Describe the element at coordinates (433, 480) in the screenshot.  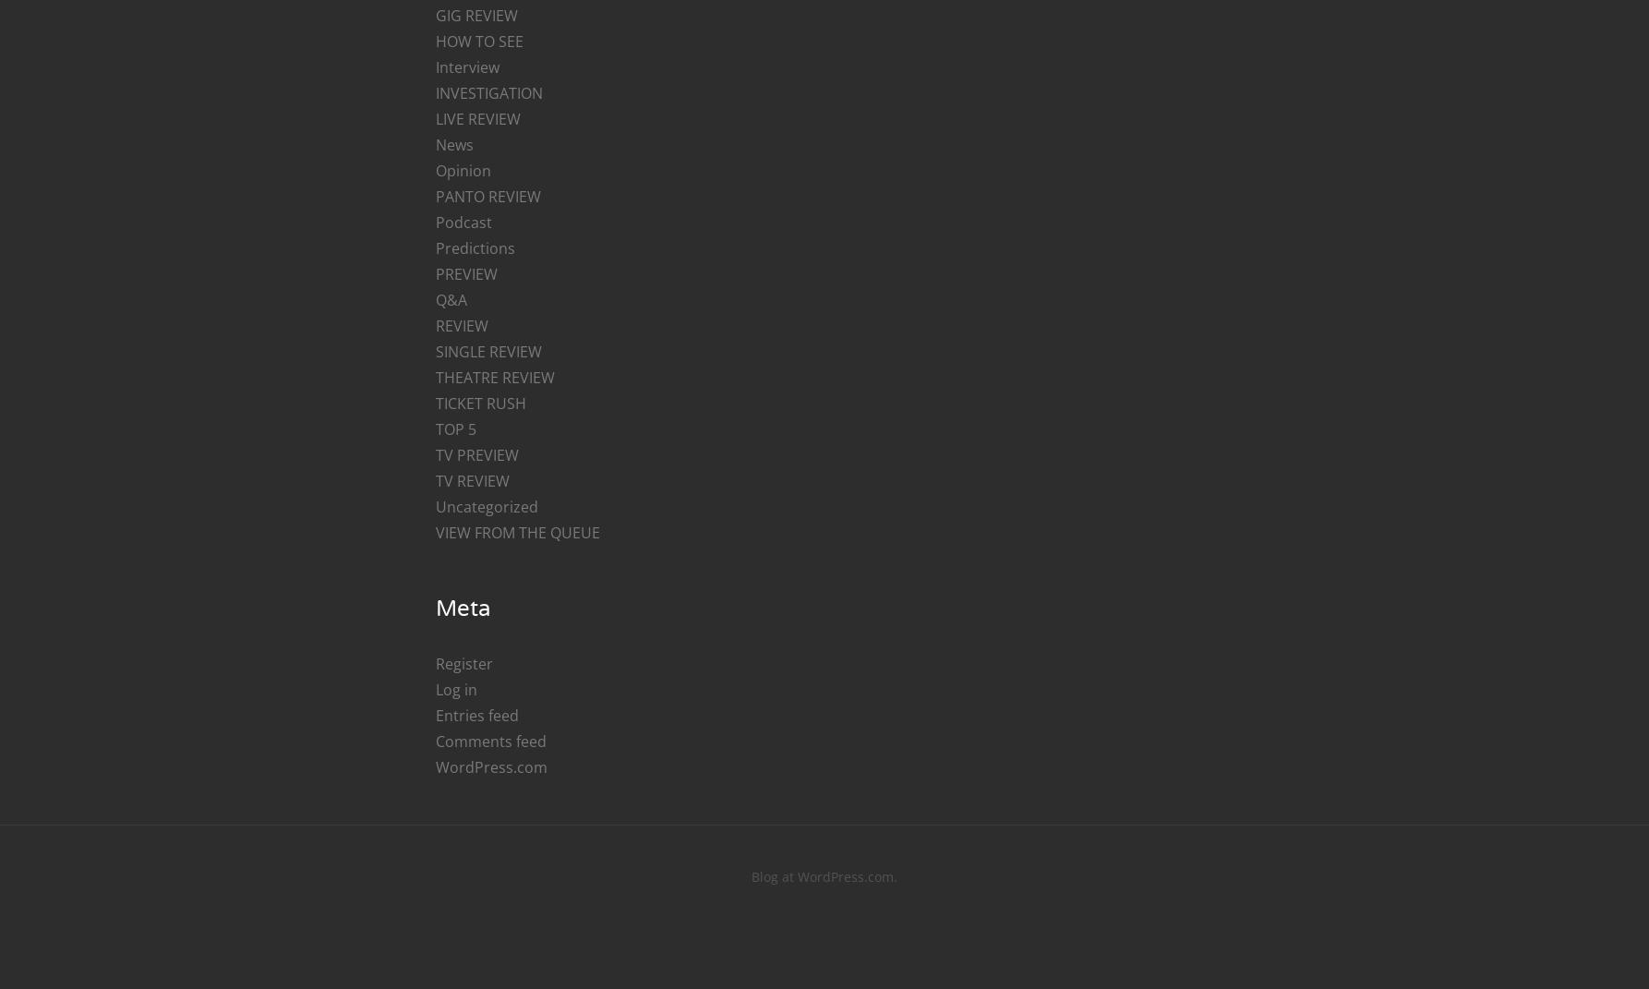
I see `'TV REVIEW'` at that location.